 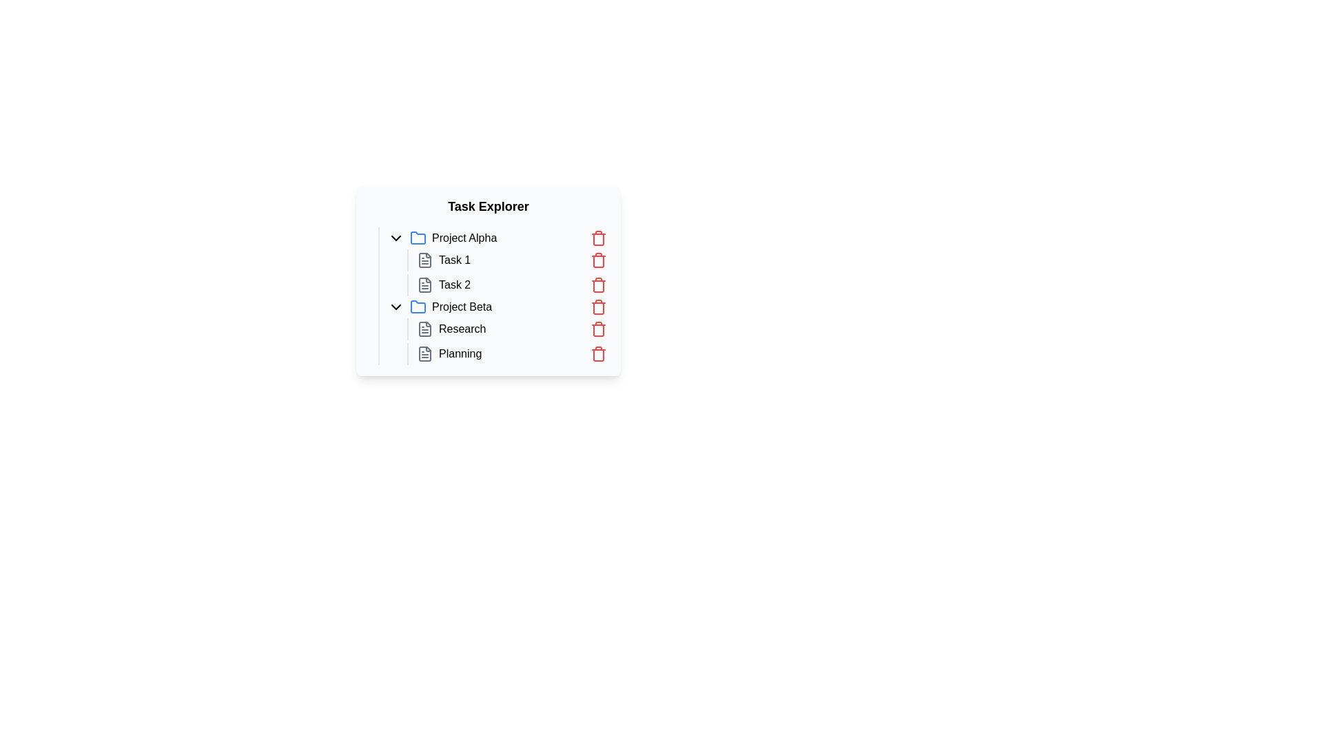 What do you see at coordinates (502, 273) in the screenshot?
I see `the task item 'Task 2' in the list layout under the 'Project Alpha' hierarchy` at bounding box center [502, 273].